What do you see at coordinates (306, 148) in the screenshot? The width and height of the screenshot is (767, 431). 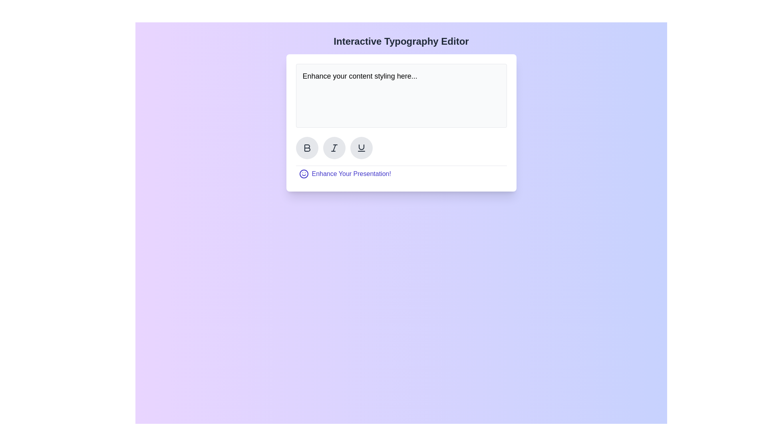 I see `the bold formatting button located at the top-left corner of the interactive toolbar in the Typography Editor` at bounding box center [306, 148].